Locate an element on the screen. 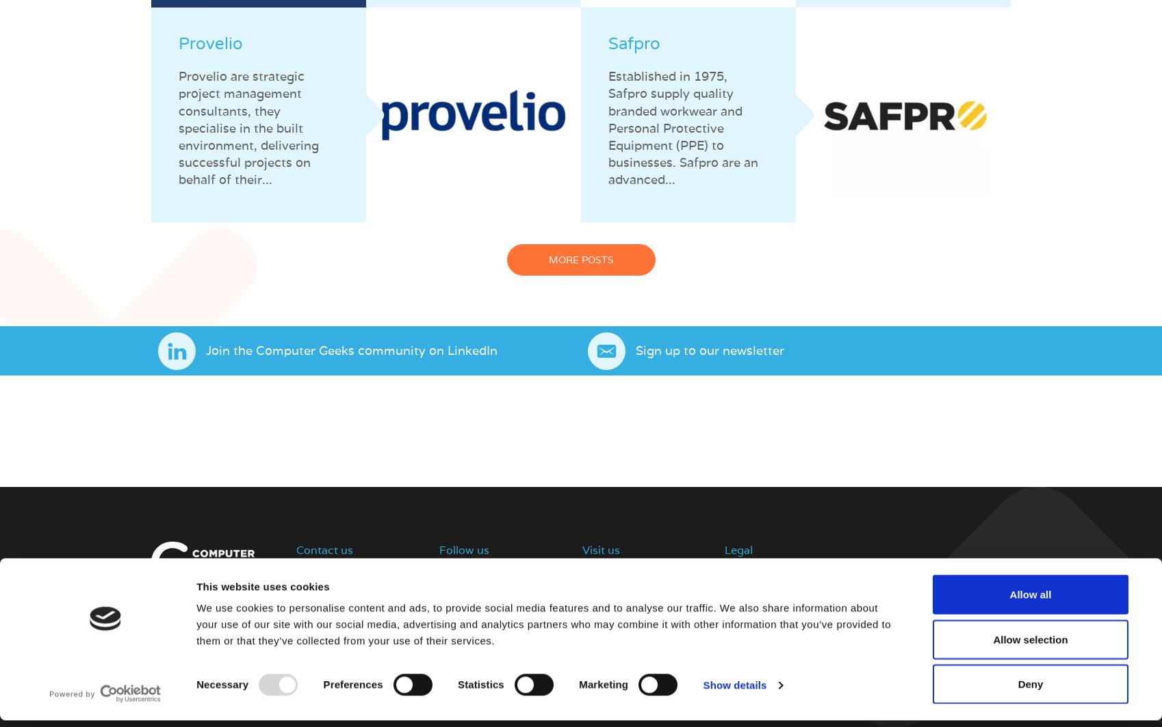 The width and height of the screenshot is (1162, 727). '7 Thomas Lane,' is located at coordinates (619, 572).